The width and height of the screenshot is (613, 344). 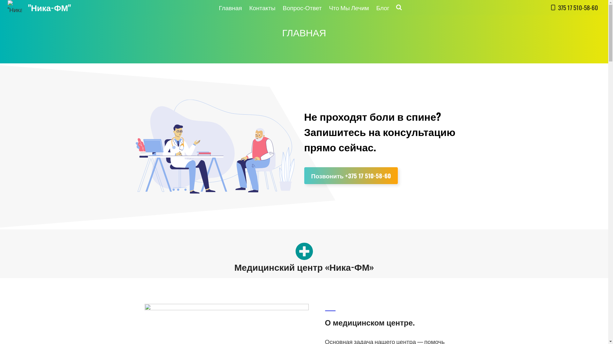 What do you see at coordinates (574, 7) in the screenshot?
I see `'375 17 510-58-60'` at bounding box center [574, 7].